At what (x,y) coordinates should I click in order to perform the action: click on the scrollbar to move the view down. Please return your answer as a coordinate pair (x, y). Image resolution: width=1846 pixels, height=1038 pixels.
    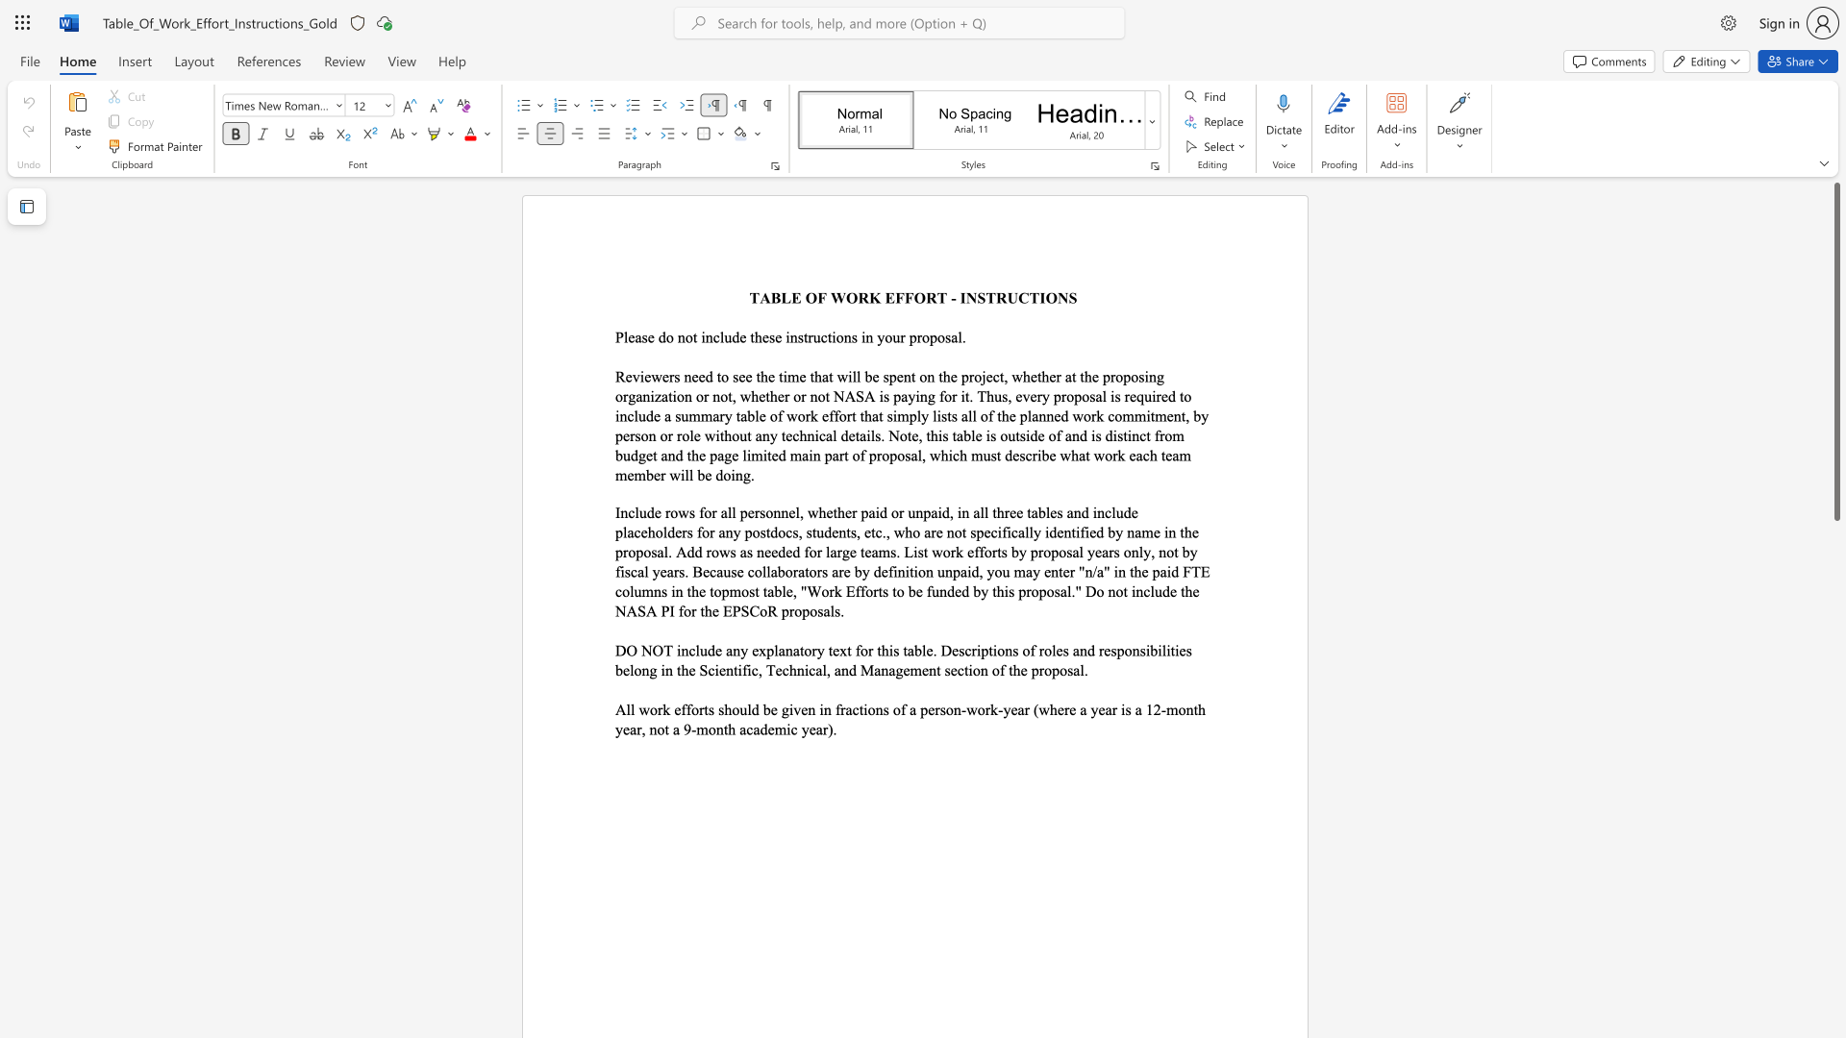
    Looking at the image, I should click on (1835, 711).